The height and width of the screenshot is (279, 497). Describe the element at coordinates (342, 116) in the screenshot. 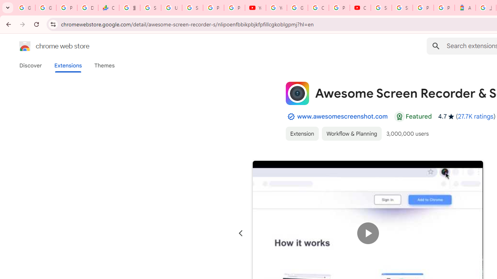

I see `'www.awesomescreenshot.com'` at that location.